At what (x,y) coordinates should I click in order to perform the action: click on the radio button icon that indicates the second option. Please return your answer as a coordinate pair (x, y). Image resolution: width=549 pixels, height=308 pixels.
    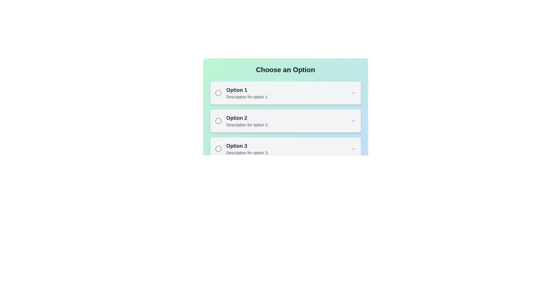
    Looking at the image, I should click on (218, 121).